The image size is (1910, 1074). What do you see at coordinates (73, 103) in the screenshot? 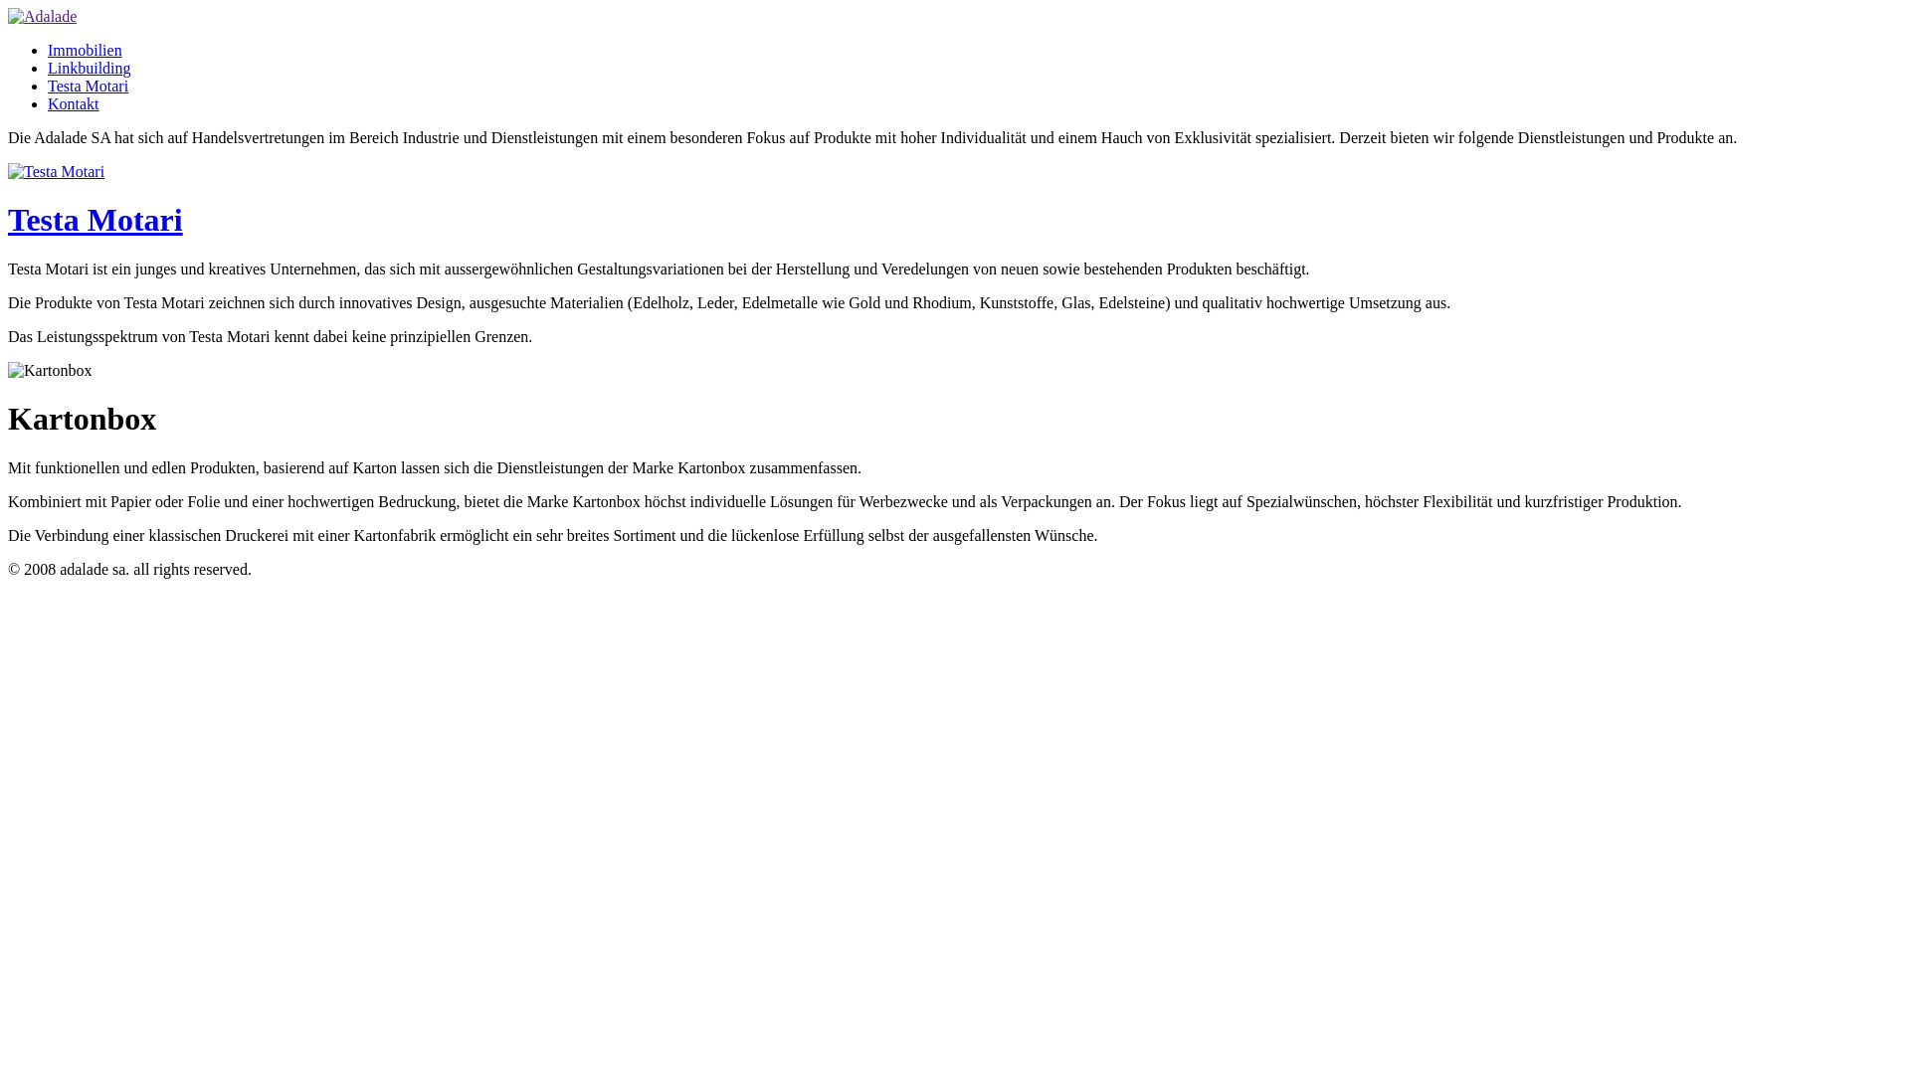
I see `'Kontakt'` at bounding box center [73, 103].